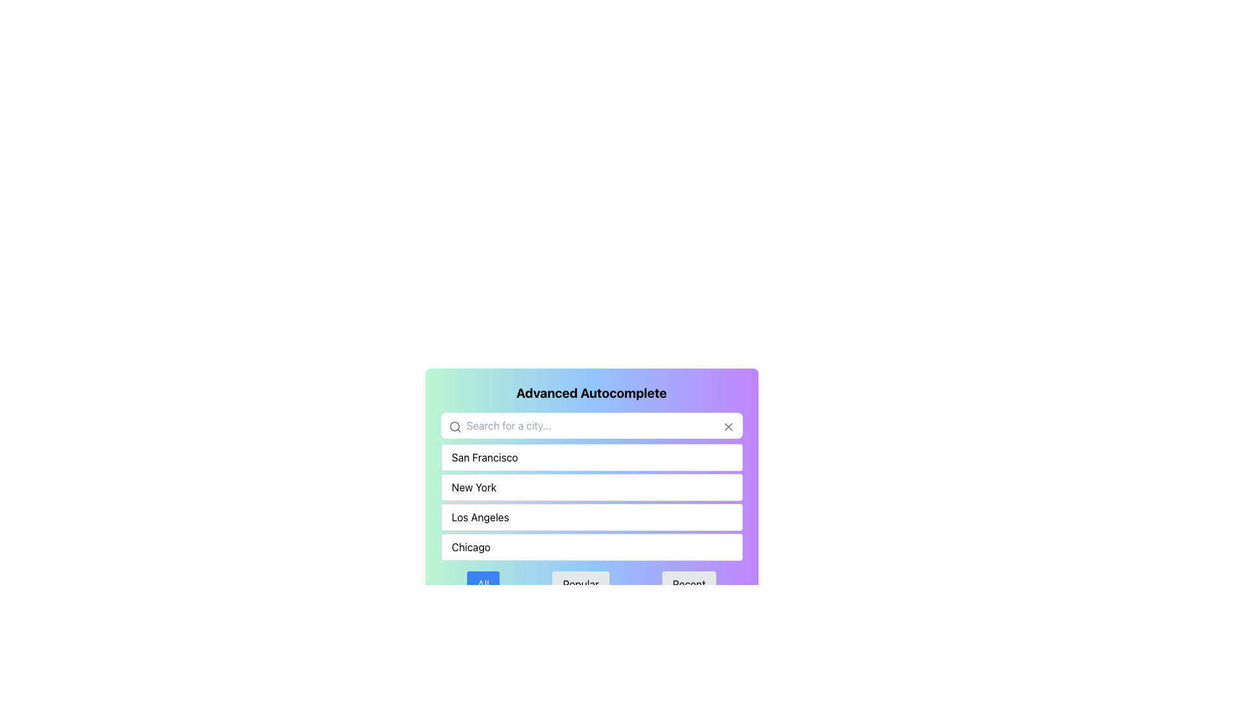  What do you see at coordinates (591, 457) in the screenshot?
I see `the first city option in the list, located below the 'Search for a city...' input field, to interact with it` at bounding box center [591, 457].